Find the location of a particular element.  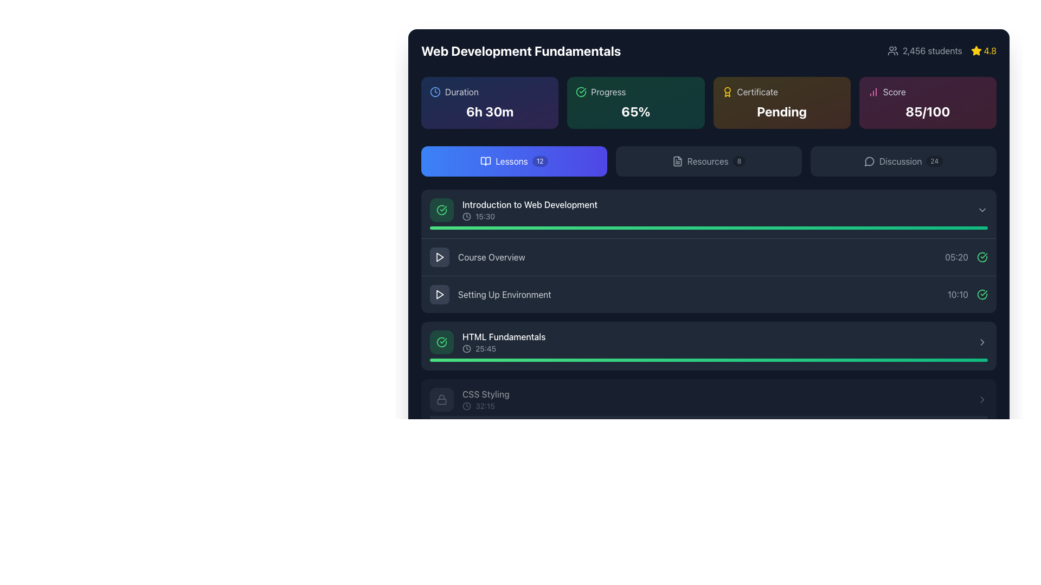

the text indicating the time duration related to 'HTML Fundamentals', which is the first element in the horizontal grouping to the right of that section is located at coordinates (958, 294).